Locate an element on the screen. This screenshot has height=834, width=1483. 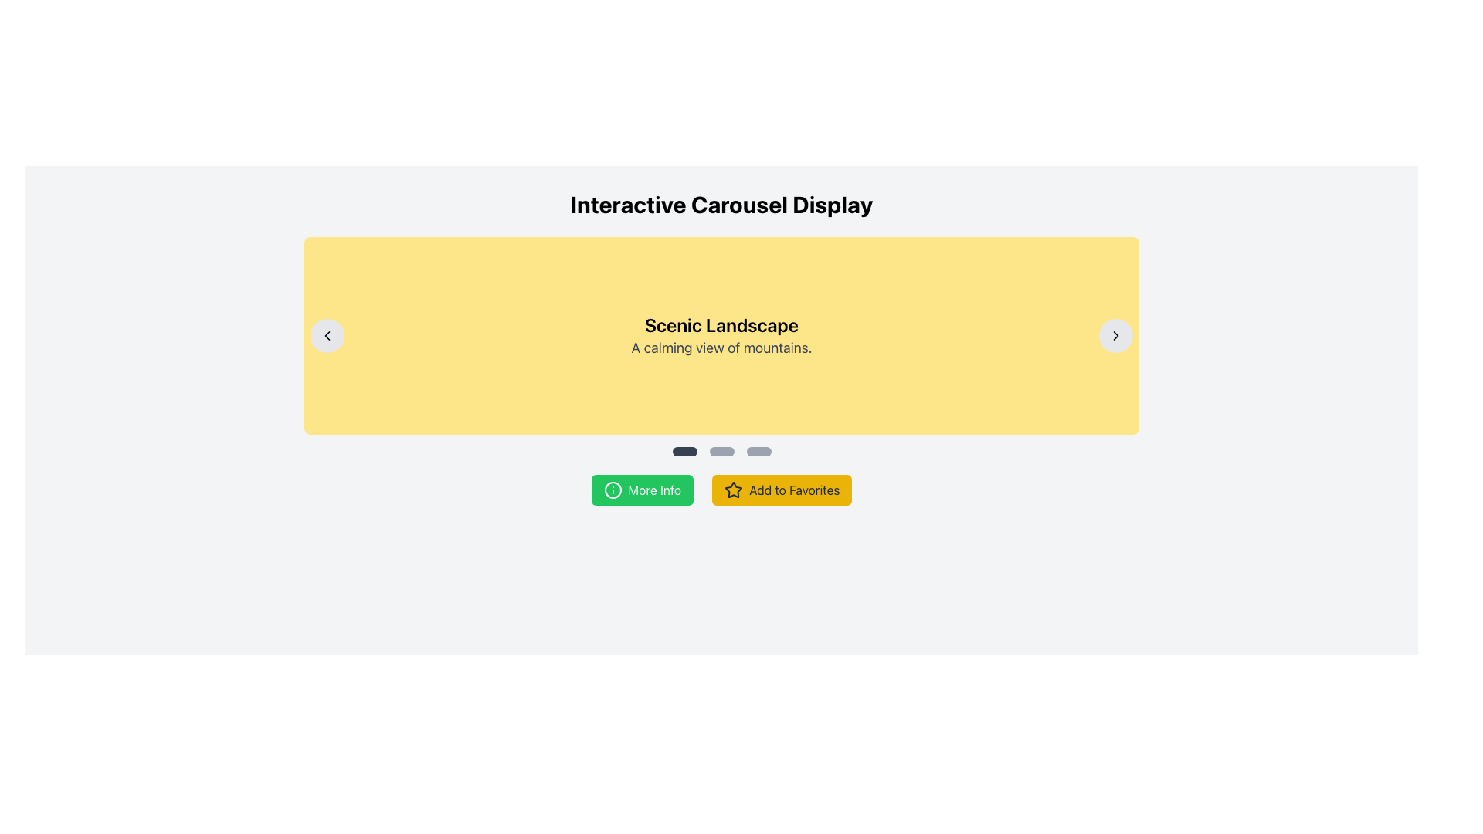
the star icon located inside the 'Add to Favorites' button is located at coordinates (733, 490).